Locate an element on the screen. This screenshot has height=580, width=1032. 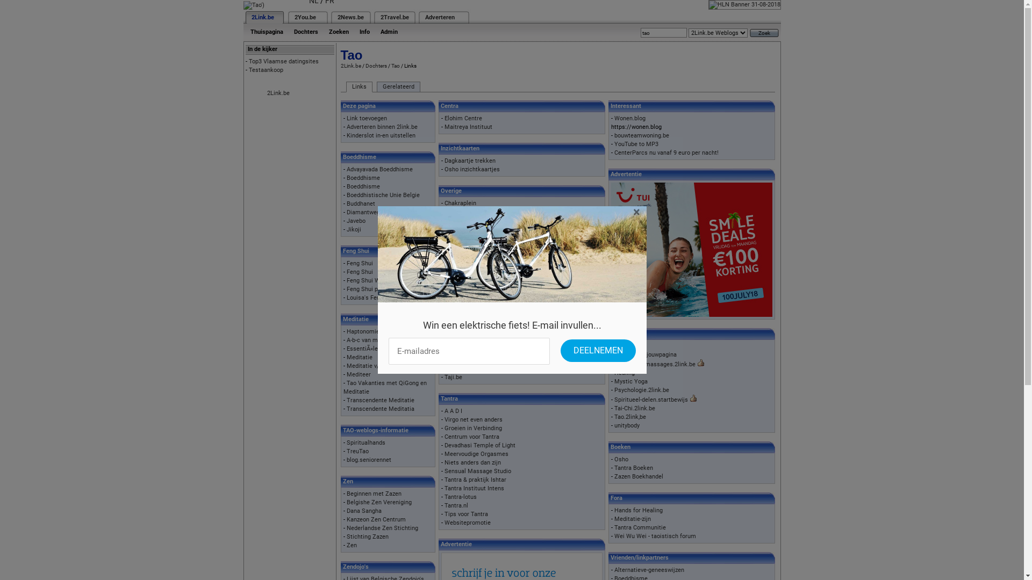
'Boeddhistische Unie Belgie' is located at coordinates (382, 195).